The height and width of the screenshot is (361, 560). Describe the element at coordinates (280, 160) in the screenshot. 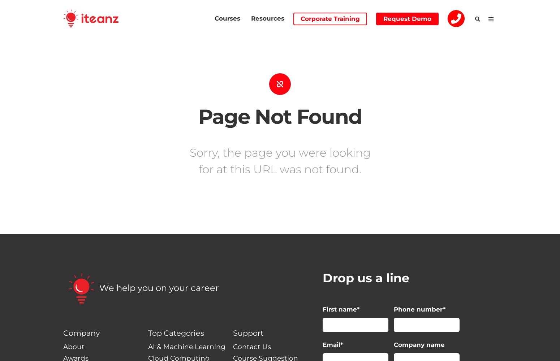

I see `'Sorry, the page you were looking for at this URL was not found.'` at that location.